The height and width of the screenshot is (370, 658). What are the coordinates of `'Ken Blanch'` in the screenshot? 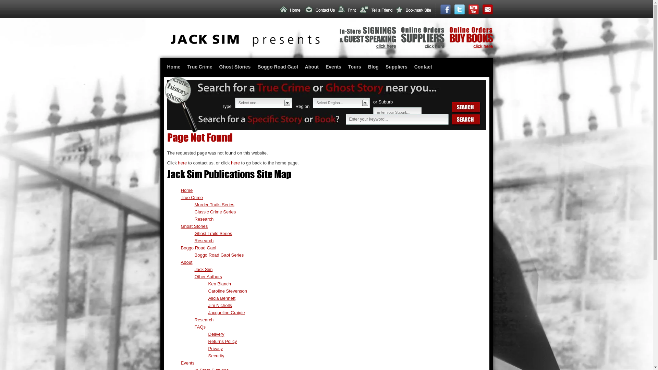 It's located at (220, 284).